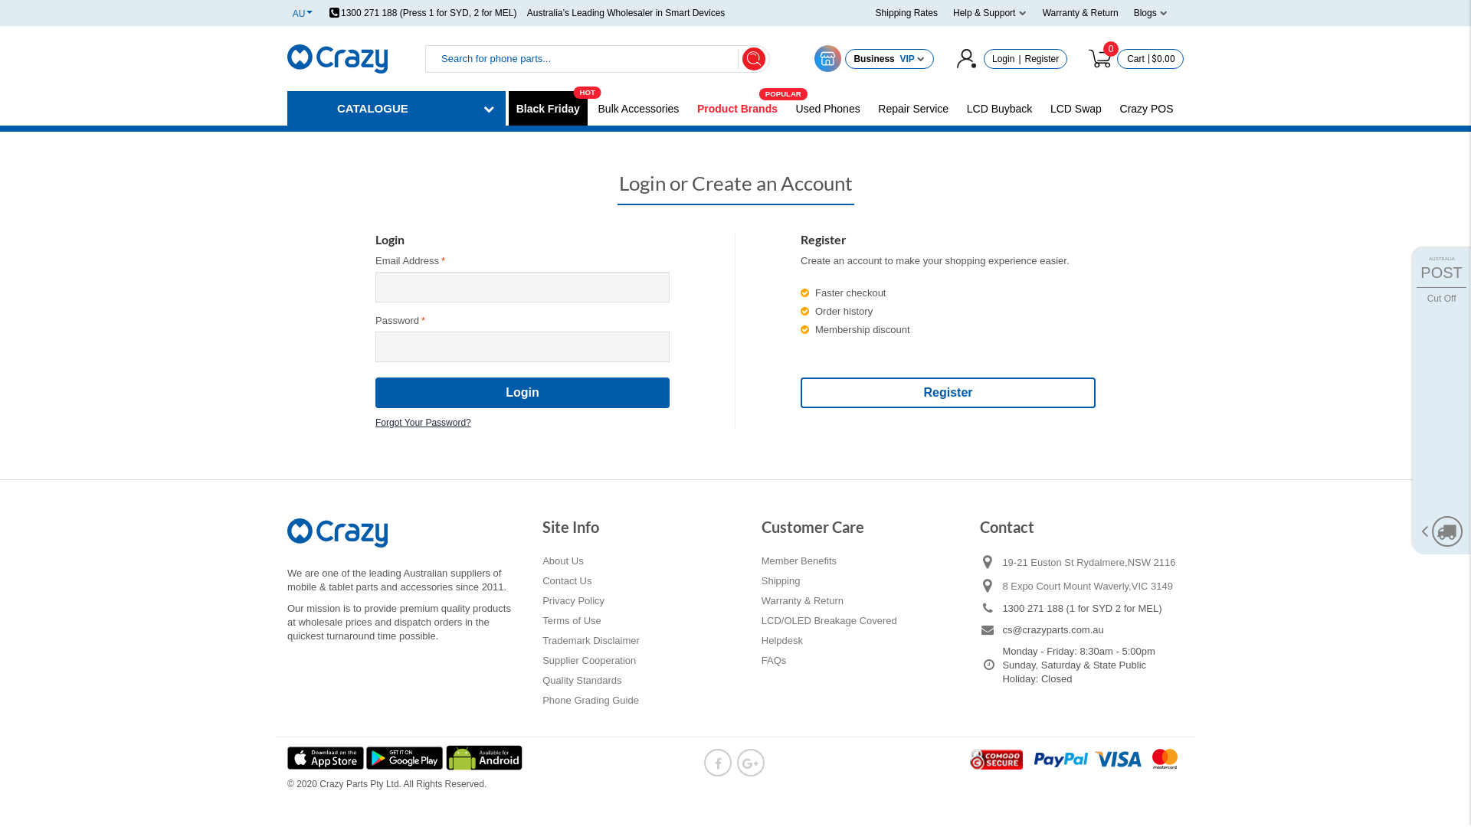 The height and width of the screenshot is (827, 1471). What do you see at coordinates (1075, 108) in the screenshot?
I see `'LCD Swap'` at bounding box center [1075, 108].